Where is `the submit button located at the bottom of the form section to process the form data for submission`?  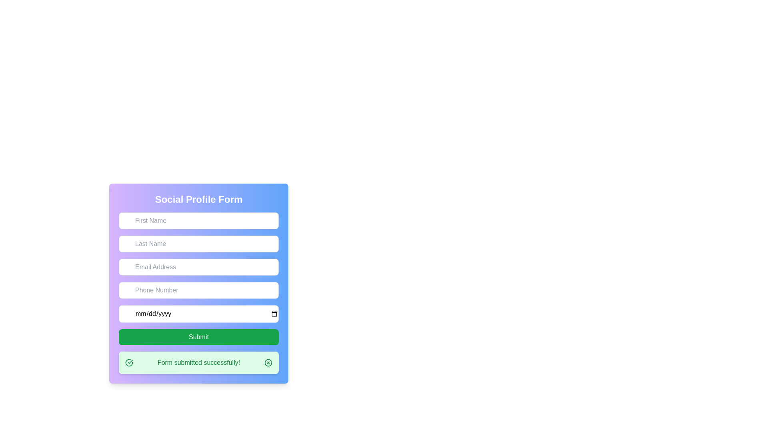 the submit button located at the bottom of the form section to process the form data for submission is located at coordinates (199, 337).